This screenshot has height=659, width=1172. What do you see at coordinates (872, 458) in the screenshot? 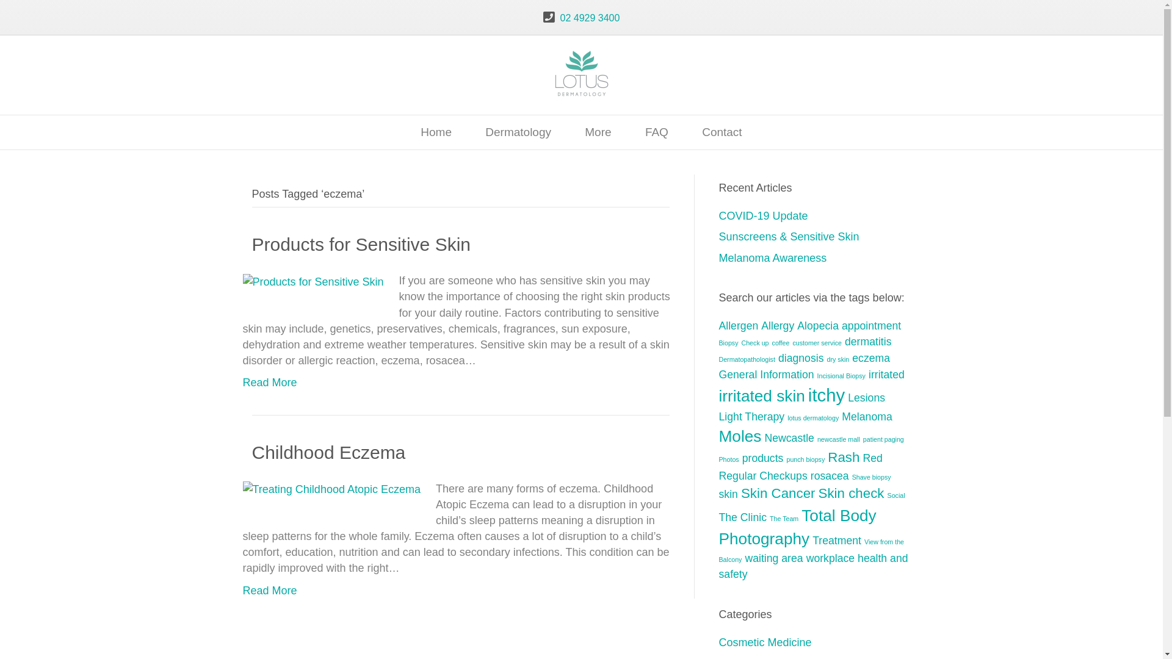
I see `'Red'` at bounding box center [872, 458].